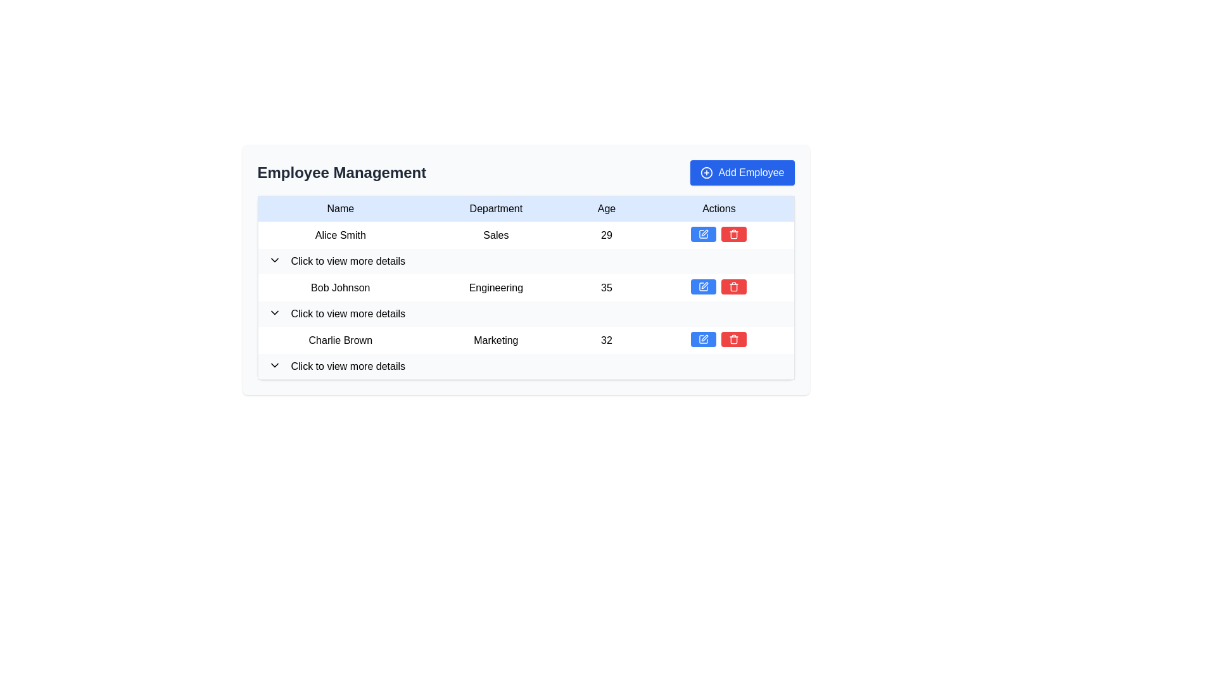  What do you see at coordinates (734, 234) in the screenshot?
I see `the trash bin icon button, which is the second button in the 'Actions' group in the Employee Management table` at bounding box center [734, 234].